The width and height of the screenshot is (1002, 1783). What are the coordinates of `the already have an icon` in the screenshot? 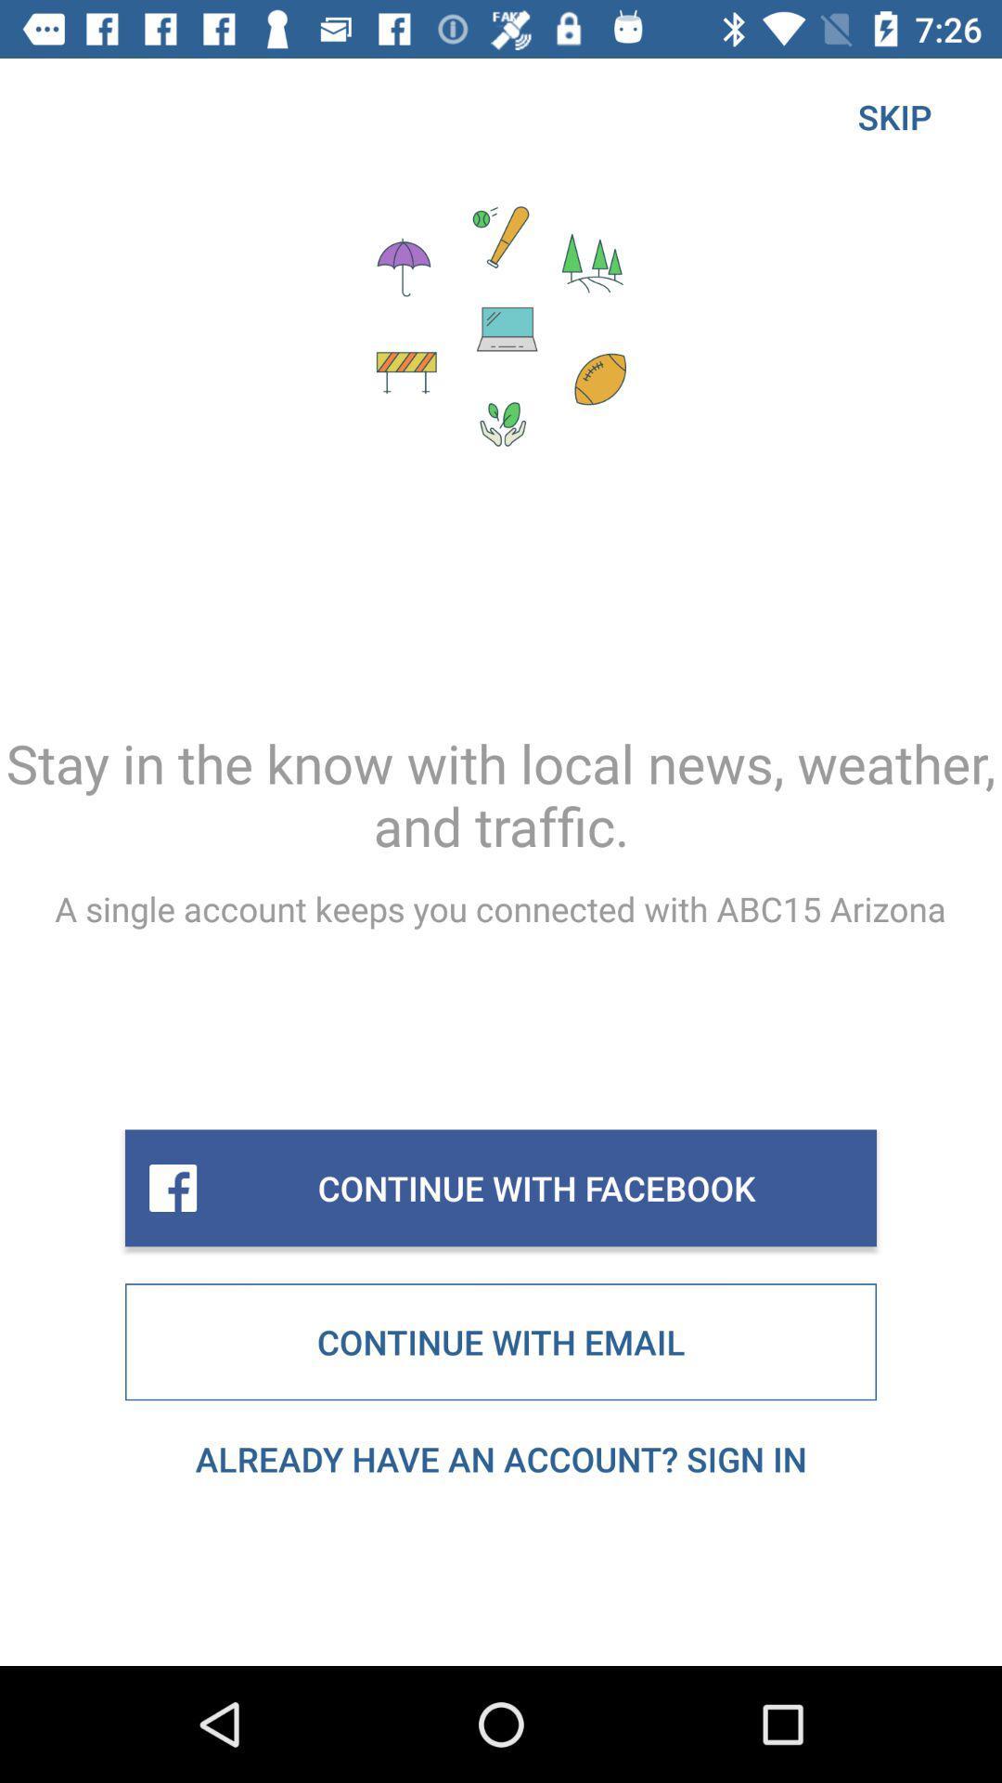 It's located at (501, 1458).